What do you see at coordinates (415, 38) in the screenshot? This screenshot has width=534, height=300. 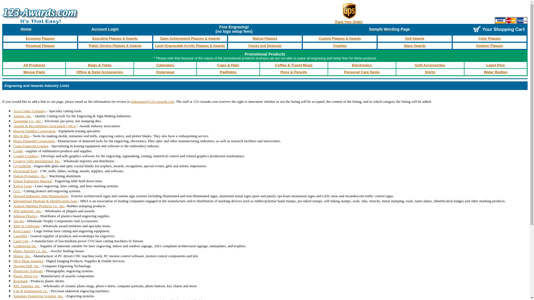 I see `'Golf Awards'` at bounding box center [415, 38].